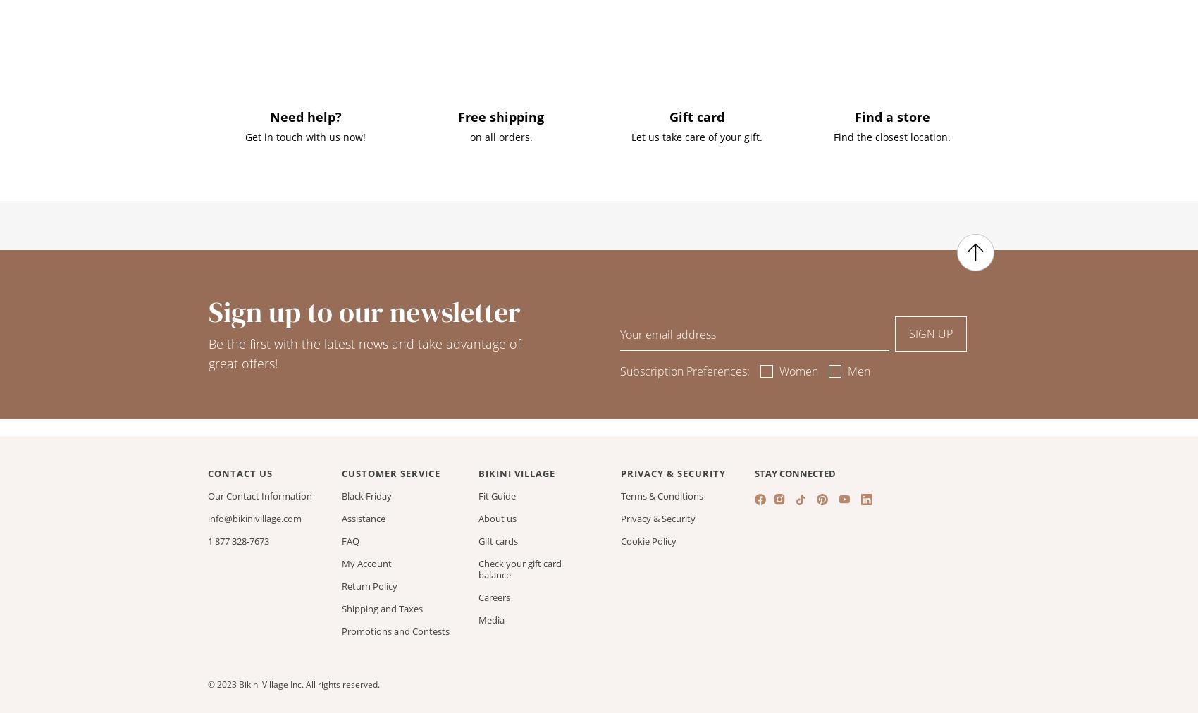  Describe the element at coordinates (684, 371) in the screenshot. I see `'Subscription Preferences:'` at that location.